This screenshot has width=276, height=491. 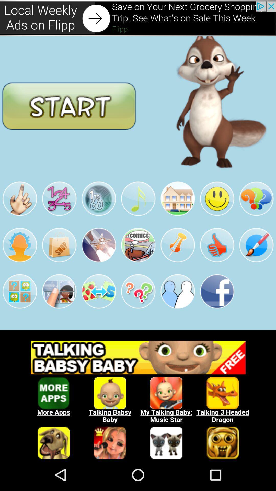 What do you see at coordinates (59, 245) in the screenshot?
I see `shop icon` at bounding box center [59, 245].